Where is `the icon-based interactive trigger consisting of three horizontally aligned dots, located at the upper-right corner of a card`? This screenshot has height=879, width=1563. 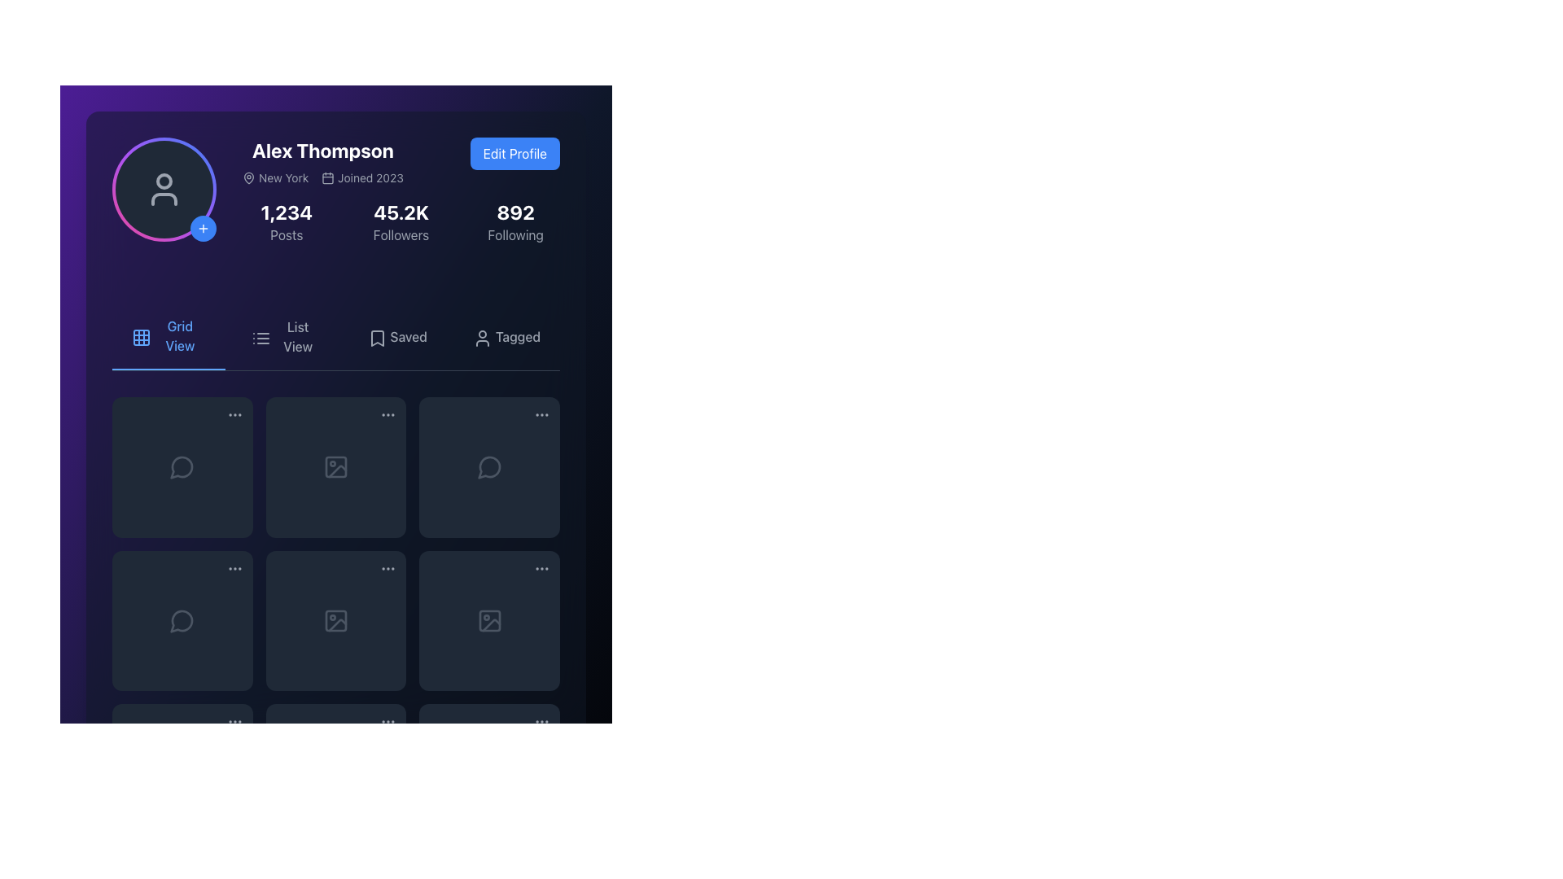 the icon-based interactive trigger consisting of three horizontally aligned dots, located at the upper-right corner of a card is located at coordinates (542, 414).